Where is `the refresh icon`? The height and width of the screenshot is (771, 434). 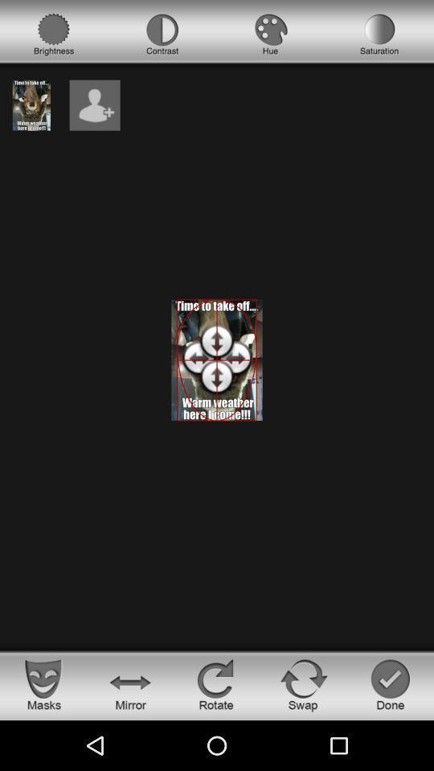 the refresh icon is located at coordinates (217, 683).